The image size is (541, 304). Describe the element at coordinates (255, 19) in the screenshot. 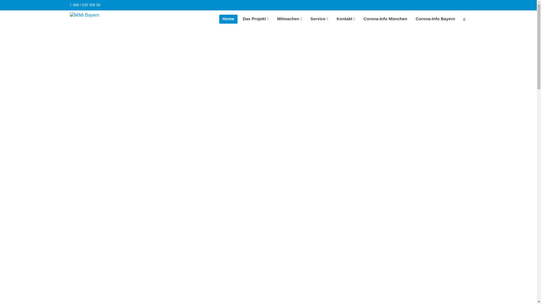

I see `'Das Projekt'` at that location.